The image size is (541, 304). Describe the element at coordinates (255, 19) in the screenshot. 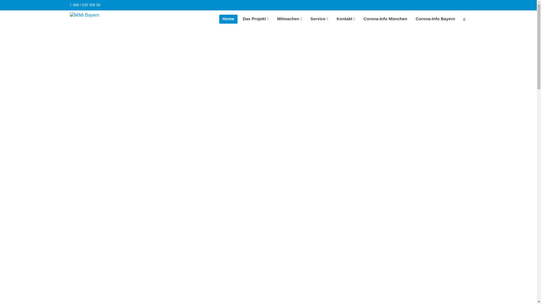

I see `'Das Projekt'` at that location.